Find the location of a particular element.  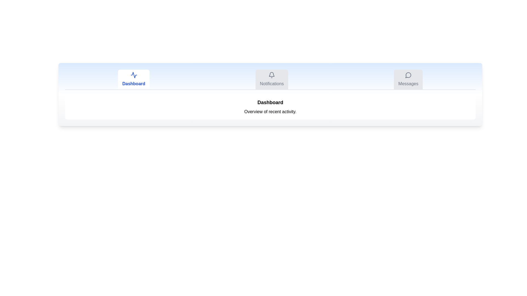

the tab button corresponding to Notifications to switch sections is located at coordinates (272, 79).